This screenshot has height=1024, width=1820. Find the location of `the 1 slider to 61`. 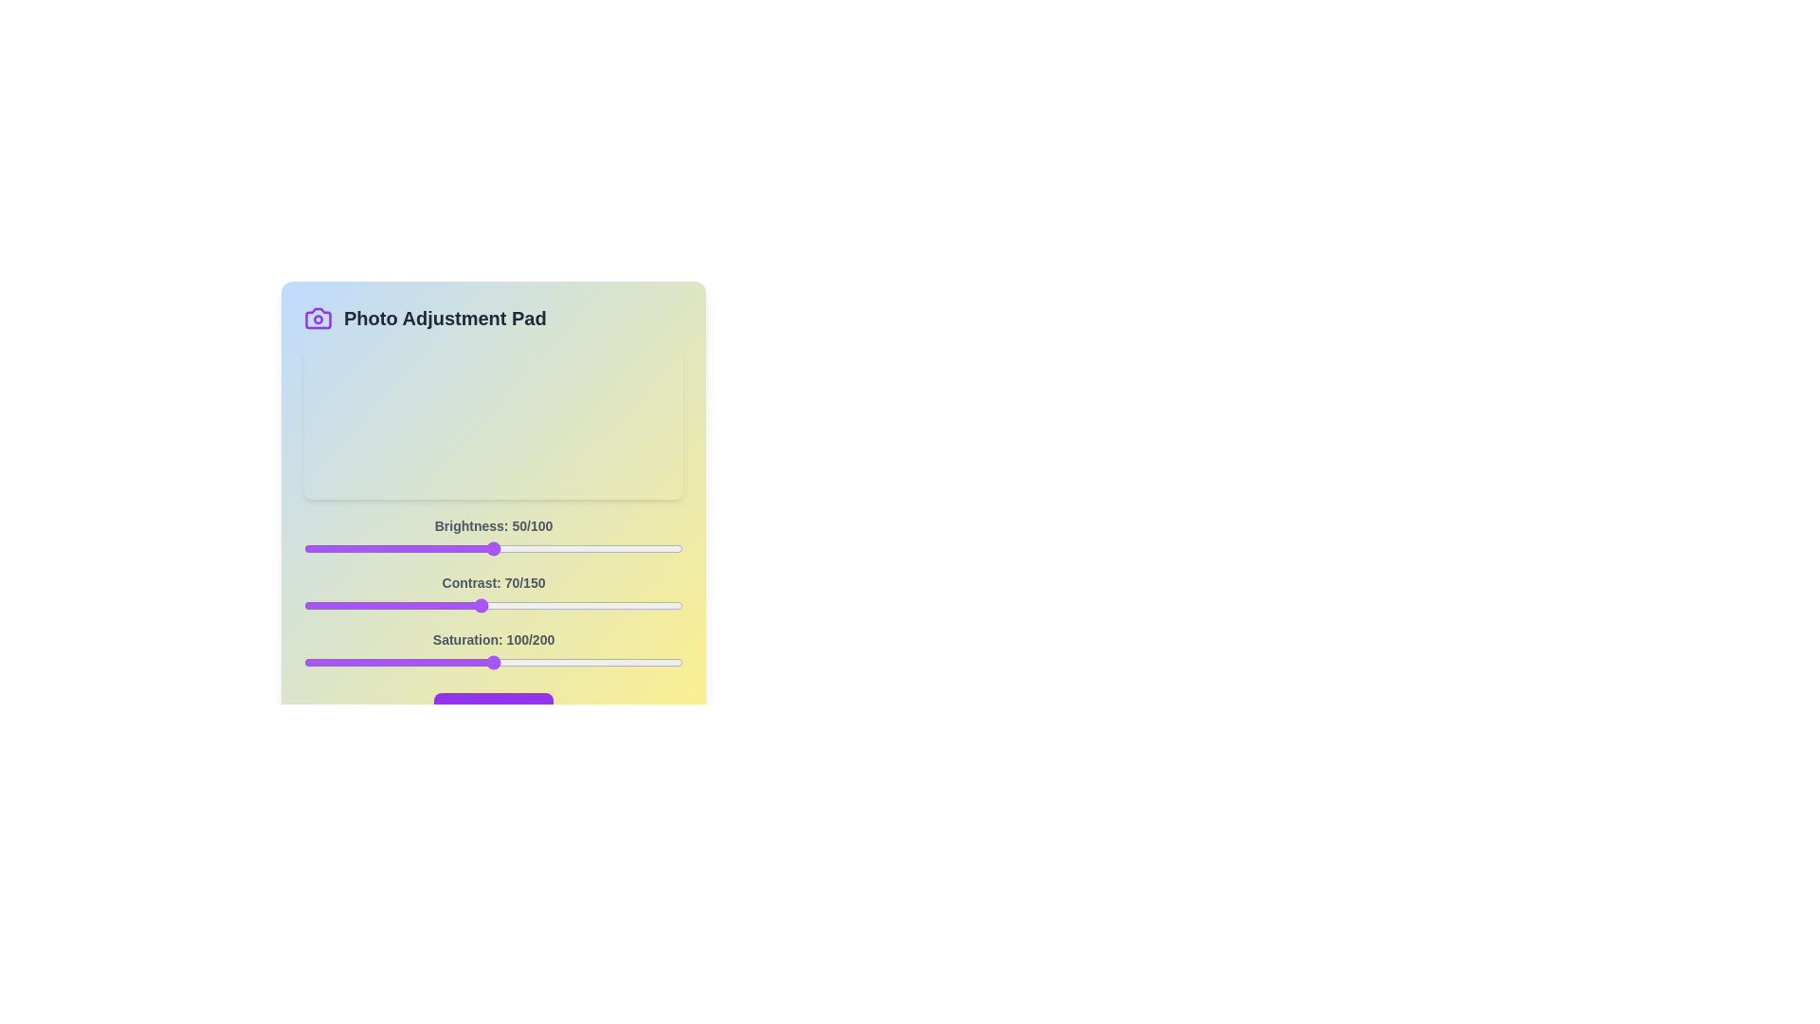

the 1 slider to 61 is located at coordinates (458, 606).